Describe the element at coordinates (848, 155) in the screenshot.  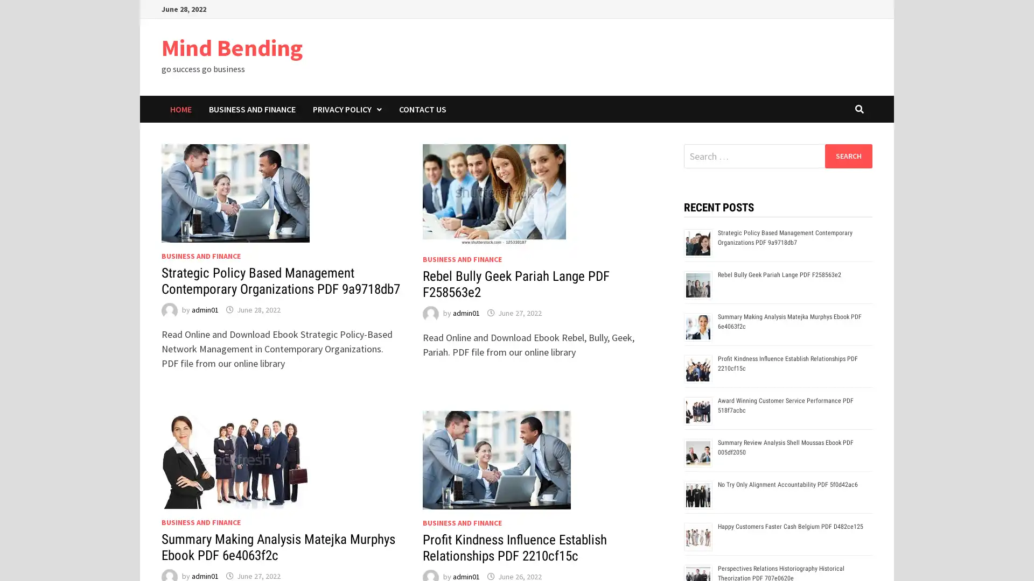
I see `Search` at that location.